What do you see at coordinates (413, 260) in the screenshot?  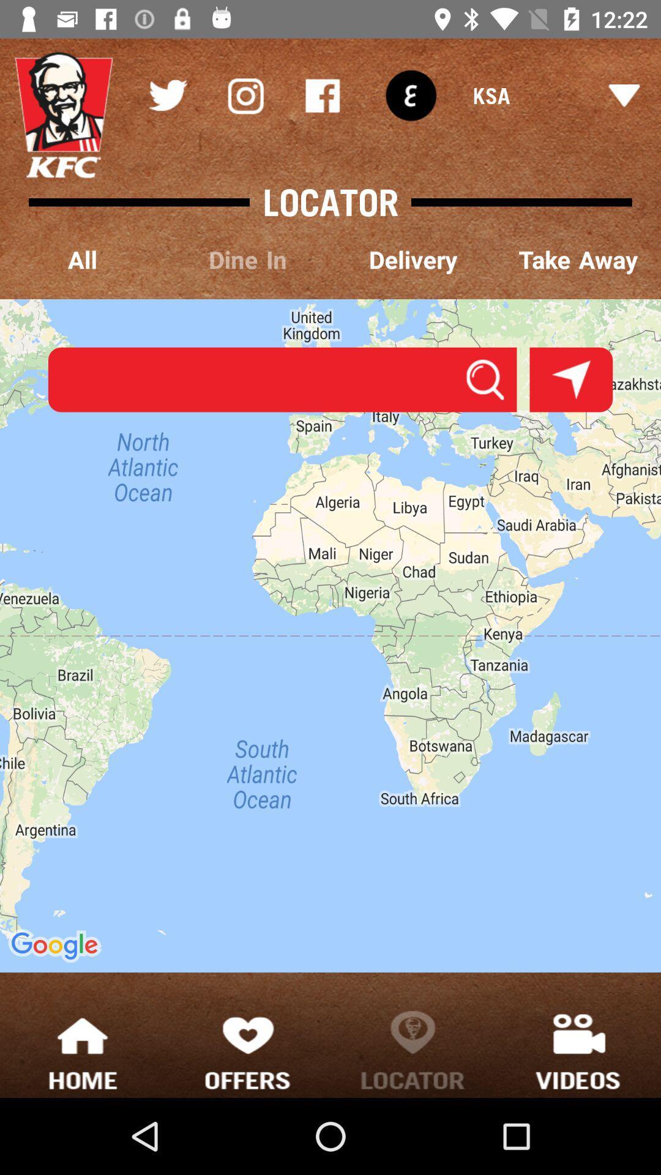 I see `the item to the right of dine in item` at bounding box center [413, 260].